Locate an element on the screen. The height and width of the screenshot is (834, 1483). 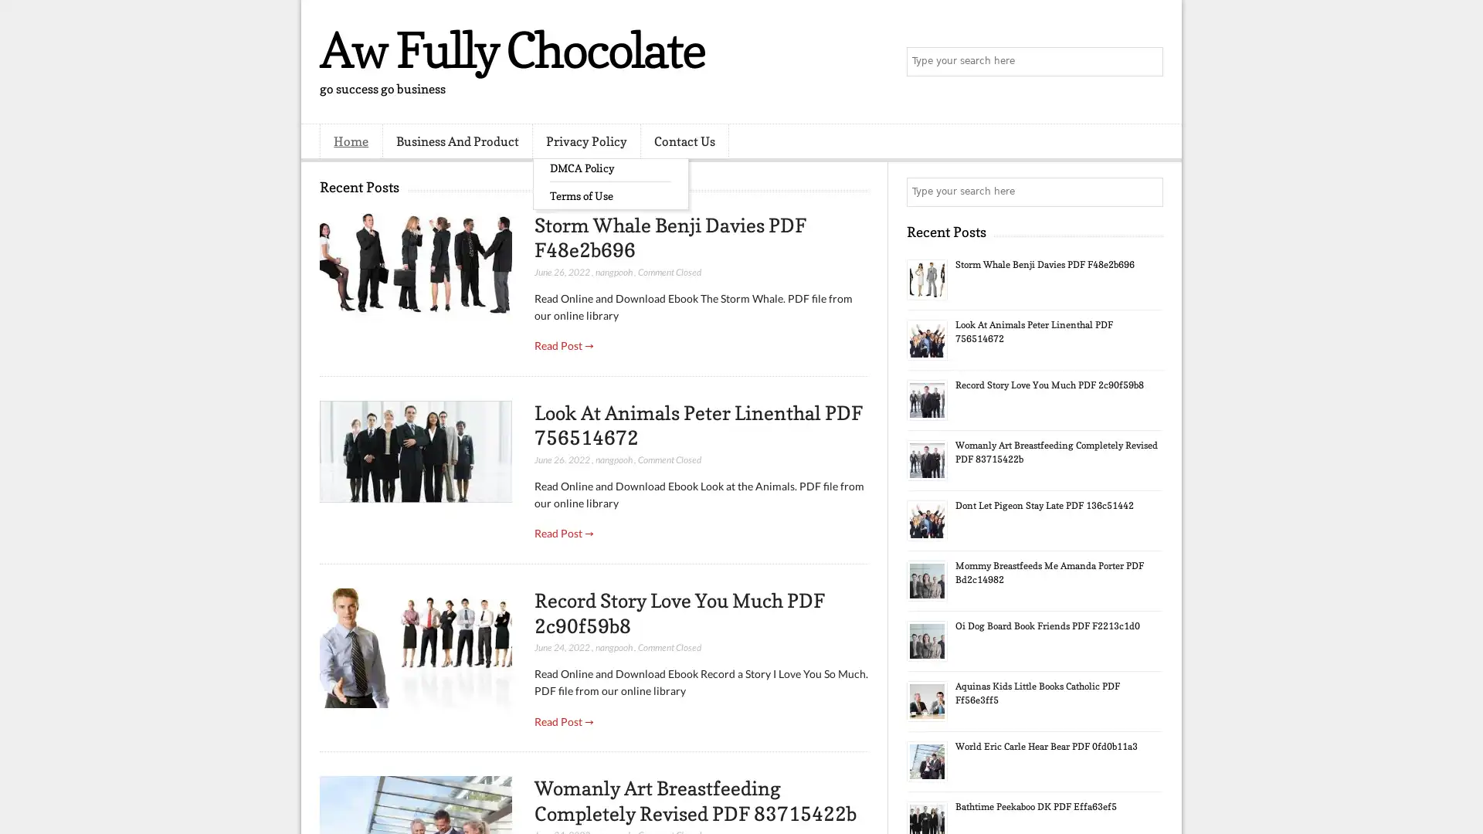
Search is located at coordinates (1147, 62).